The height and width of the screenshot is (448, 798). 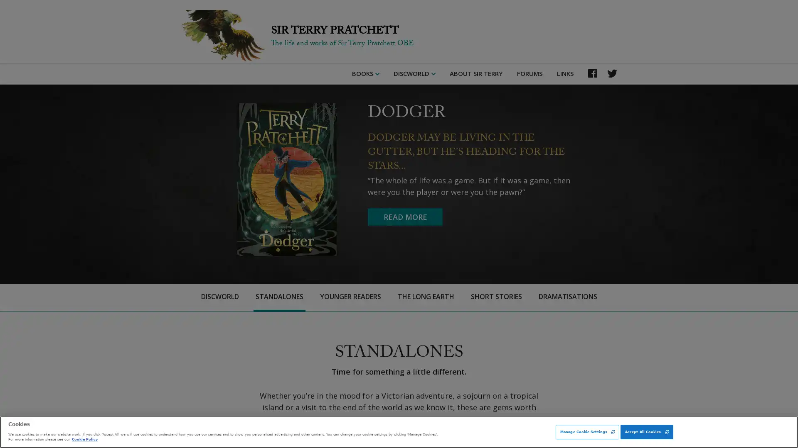 What do you see at coordinates (646, 431) in the screenshot?
I see `Accept All Cookies` at bounding box center [646, 431].